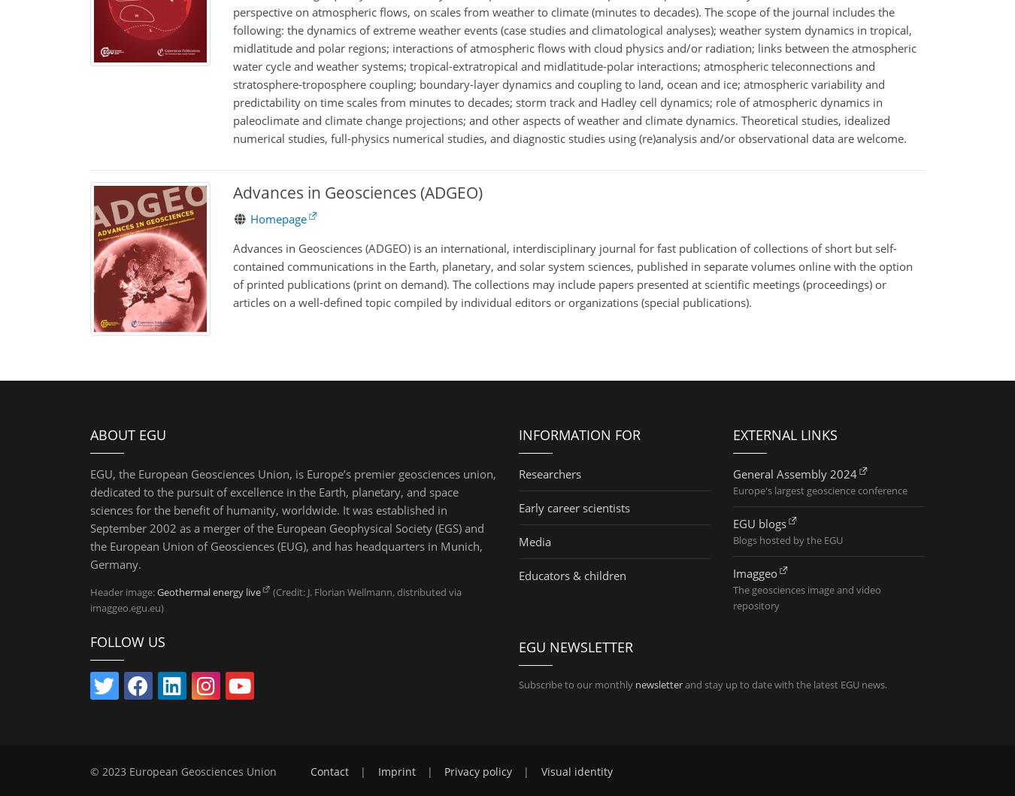  I want to click on 'newsletter', so click(659, 684).